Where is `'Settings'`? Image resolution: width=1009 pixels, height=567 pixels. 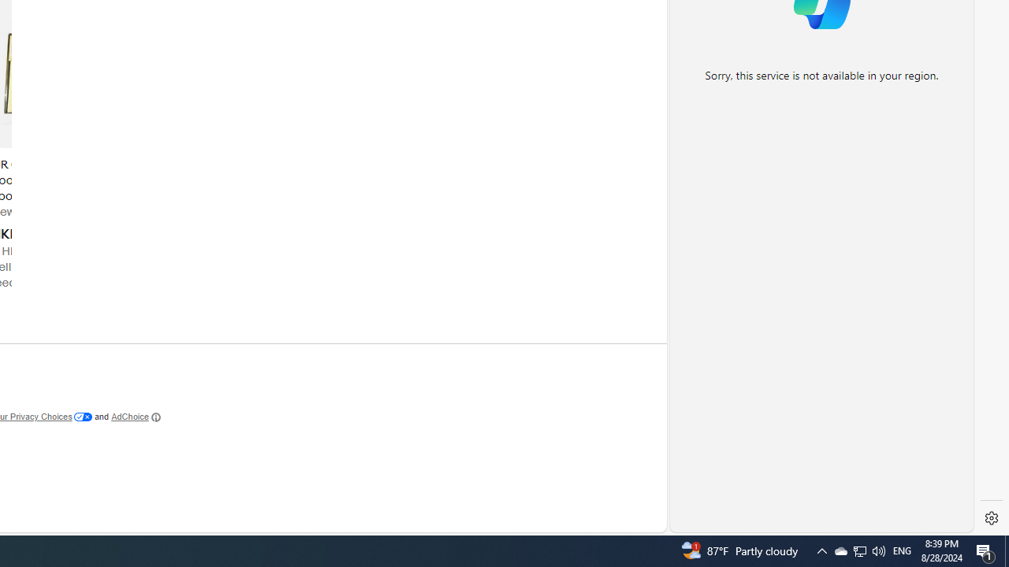
'Settings' is located at coordinates (991, 518).